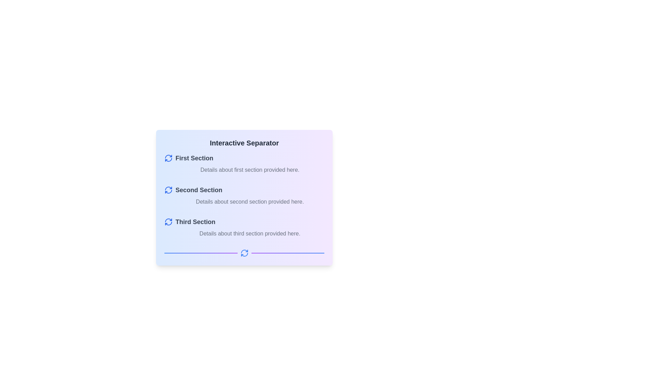 This screenshot has width=666, height=374. I want to click on description displayed in the Informational panel for the 'Third Section,' which is located below the 'Second Section' in the vertical list, so click(244, 227).